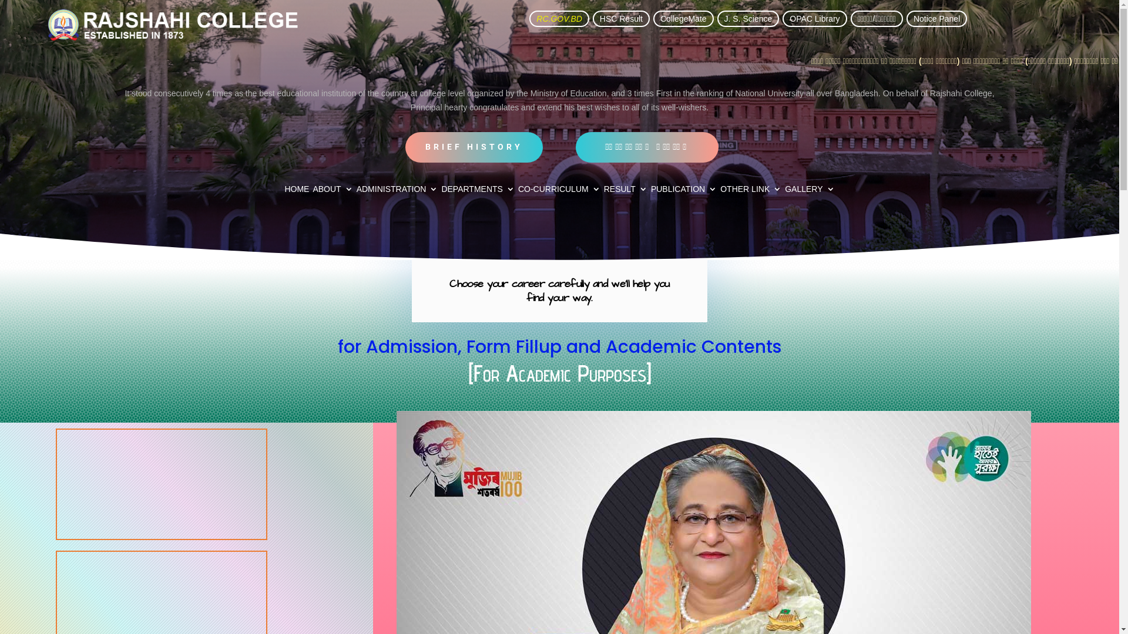 This screenshot has width=1128, height=634. I want to click on 'ADMINISTRATION', so click(397, 191).